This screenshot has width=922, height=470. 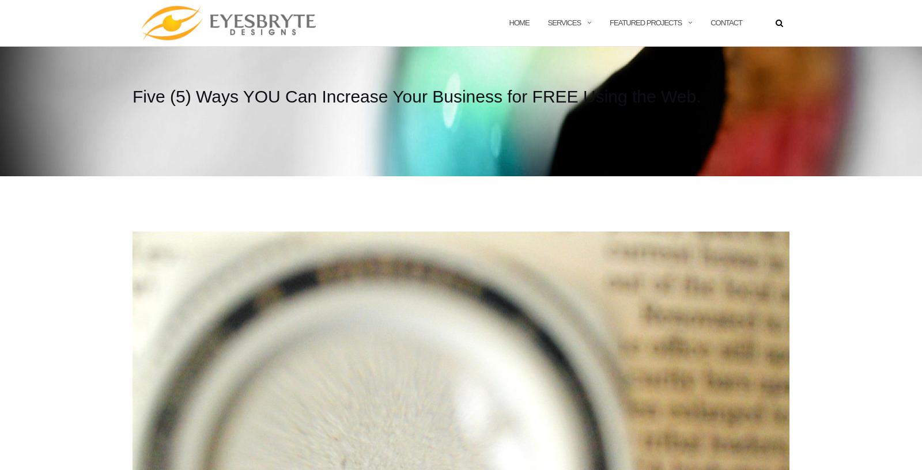 What do you see at coordinates (725, 21) in the screenshot?
I see `'Contact'` at bounding box center [725, 21].